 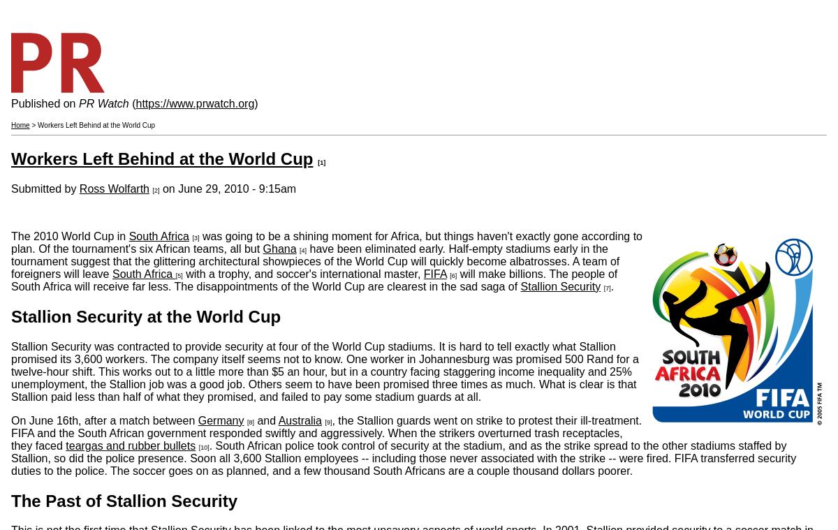 What do you see at coordinates (220, 419) in the screenshot?
I see `'Germany'` at bounding box center [220, 419].